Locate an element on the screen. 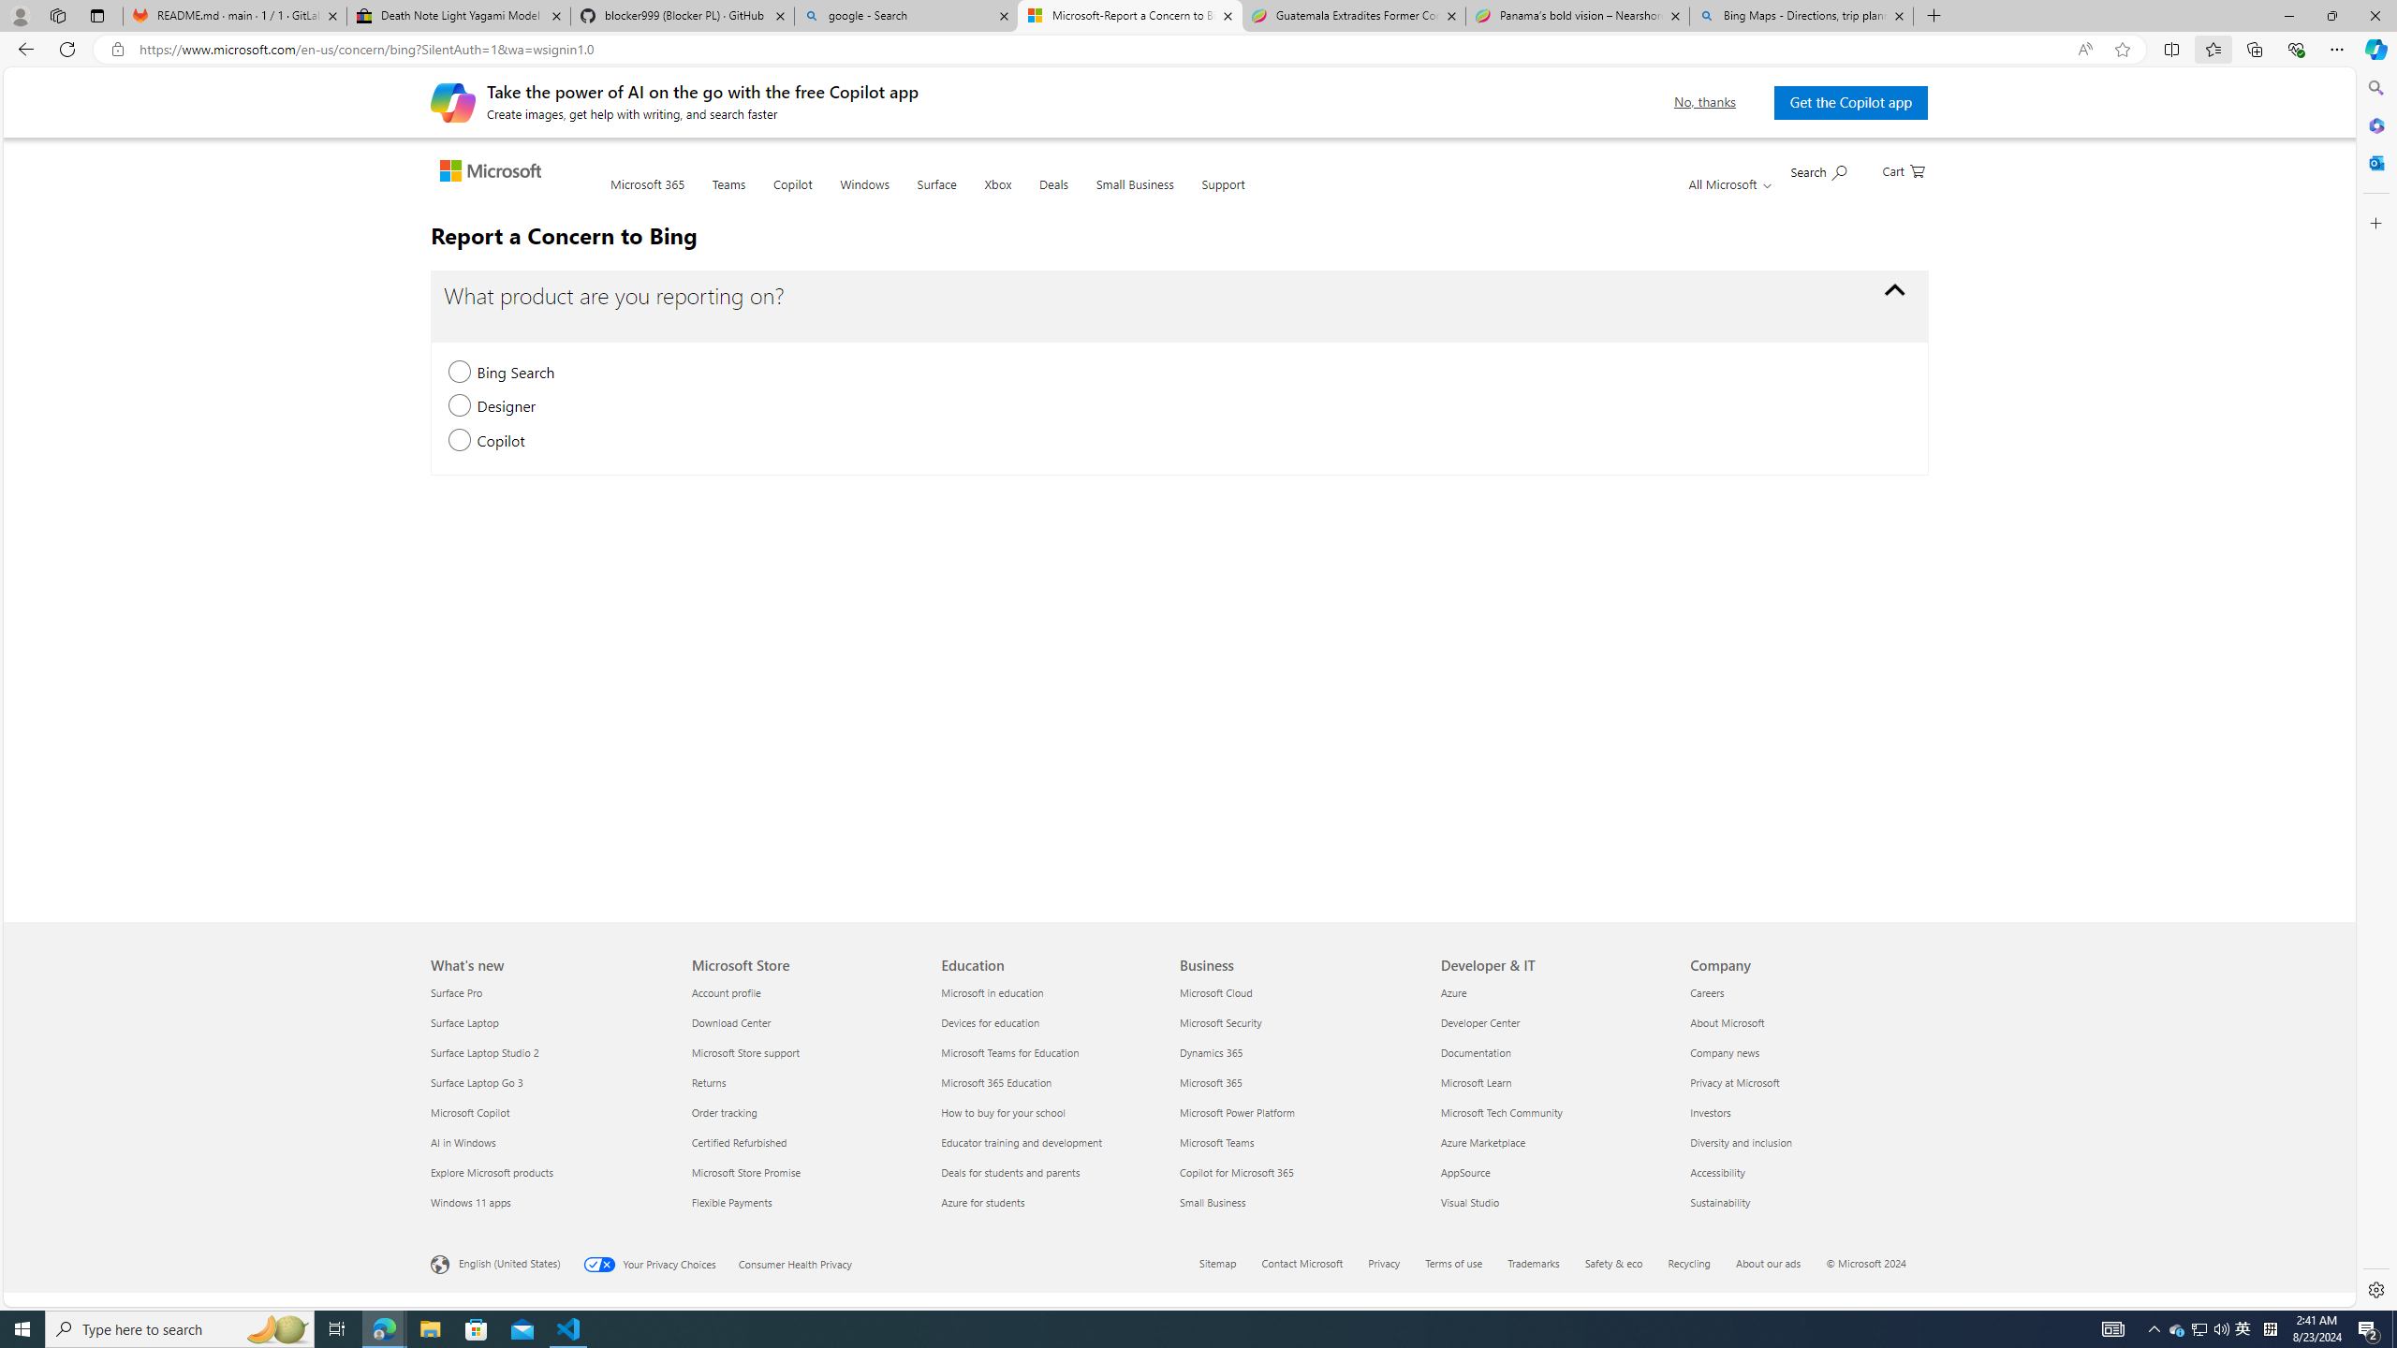  'Microsoft Security Business' is located at coordinates (1221, 1021).